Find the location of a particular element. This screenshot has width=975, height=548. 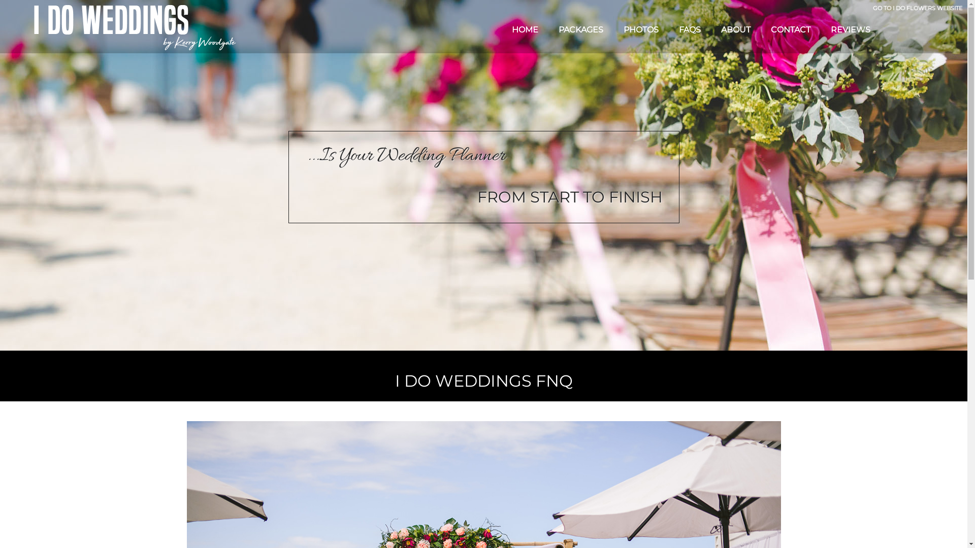

'PACKAGES' is located at coordinates (548, 29).